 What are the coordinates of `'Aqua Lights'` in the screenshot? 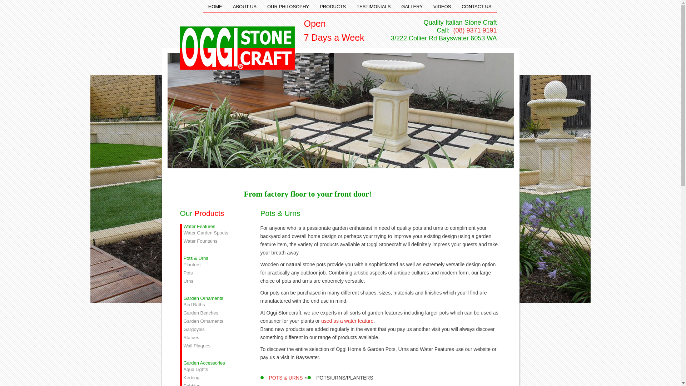 It's located at (183, 369).